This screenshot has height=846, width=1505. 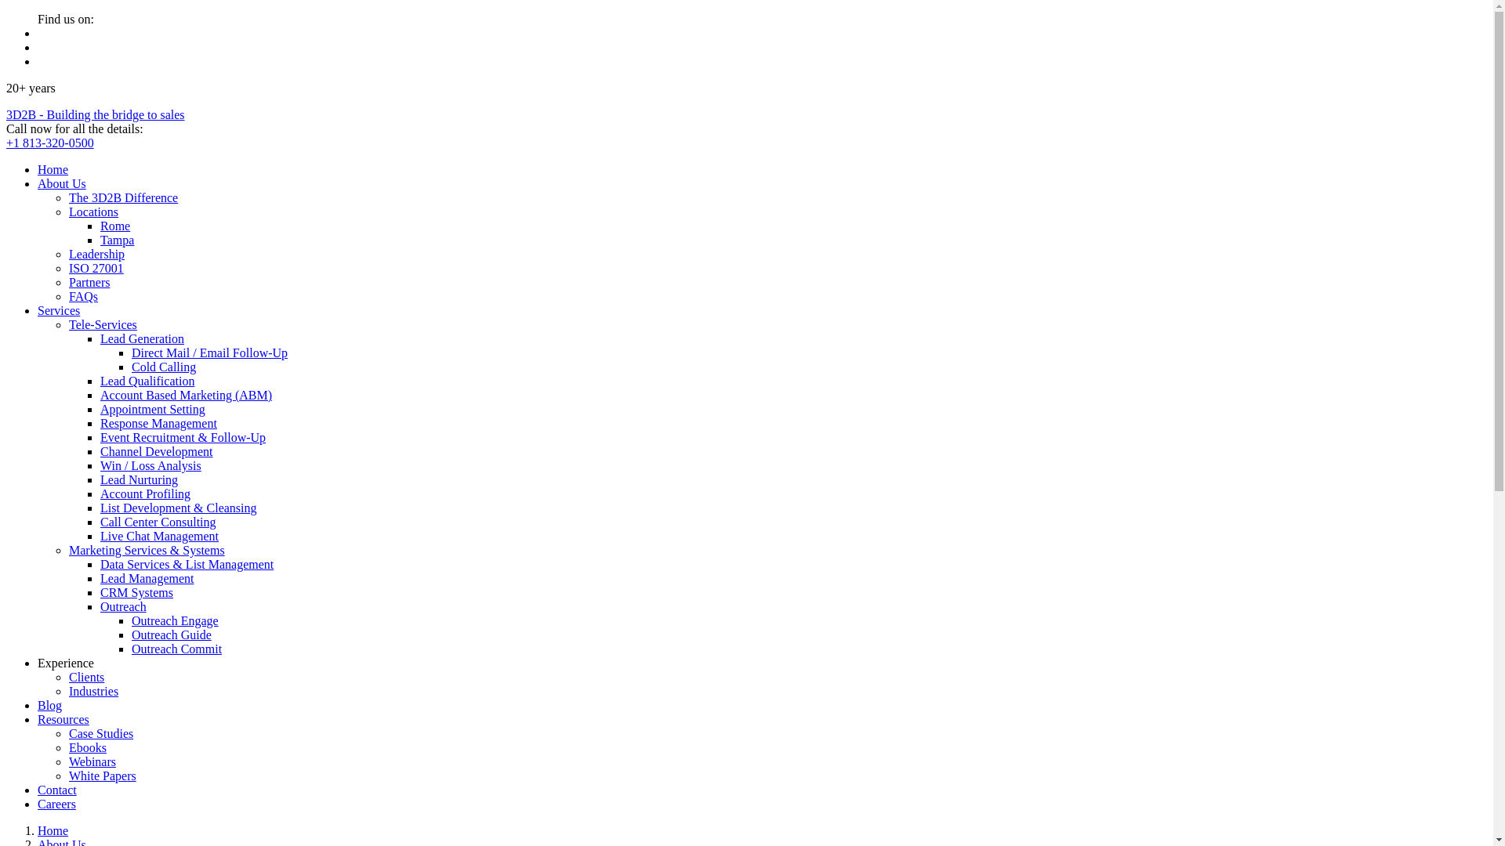 What do you see at coordinates (86, 747) in the screenshot?
I see `'Ebooks'` at bounding box center [86, 747].